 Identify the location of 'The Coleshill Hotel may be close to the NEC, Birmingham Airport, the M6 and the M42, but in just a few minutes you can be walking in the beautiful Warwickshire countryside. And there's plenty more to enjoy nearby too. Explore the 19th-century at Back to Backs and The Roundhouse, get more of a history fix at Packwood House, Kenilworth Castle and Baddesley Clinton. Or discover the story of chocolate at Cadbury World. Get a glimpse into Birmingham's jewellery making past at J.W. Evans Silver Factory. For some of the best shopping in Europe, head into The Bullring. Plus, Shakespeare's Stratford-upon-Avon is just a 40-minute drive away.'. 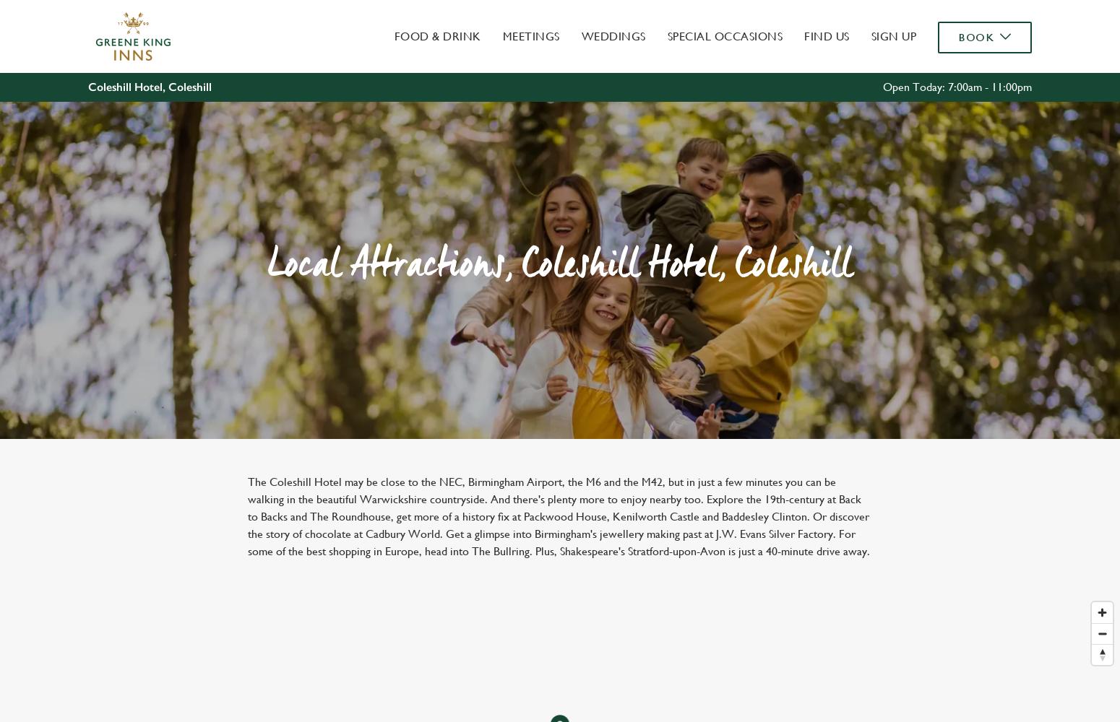
(559, 516).